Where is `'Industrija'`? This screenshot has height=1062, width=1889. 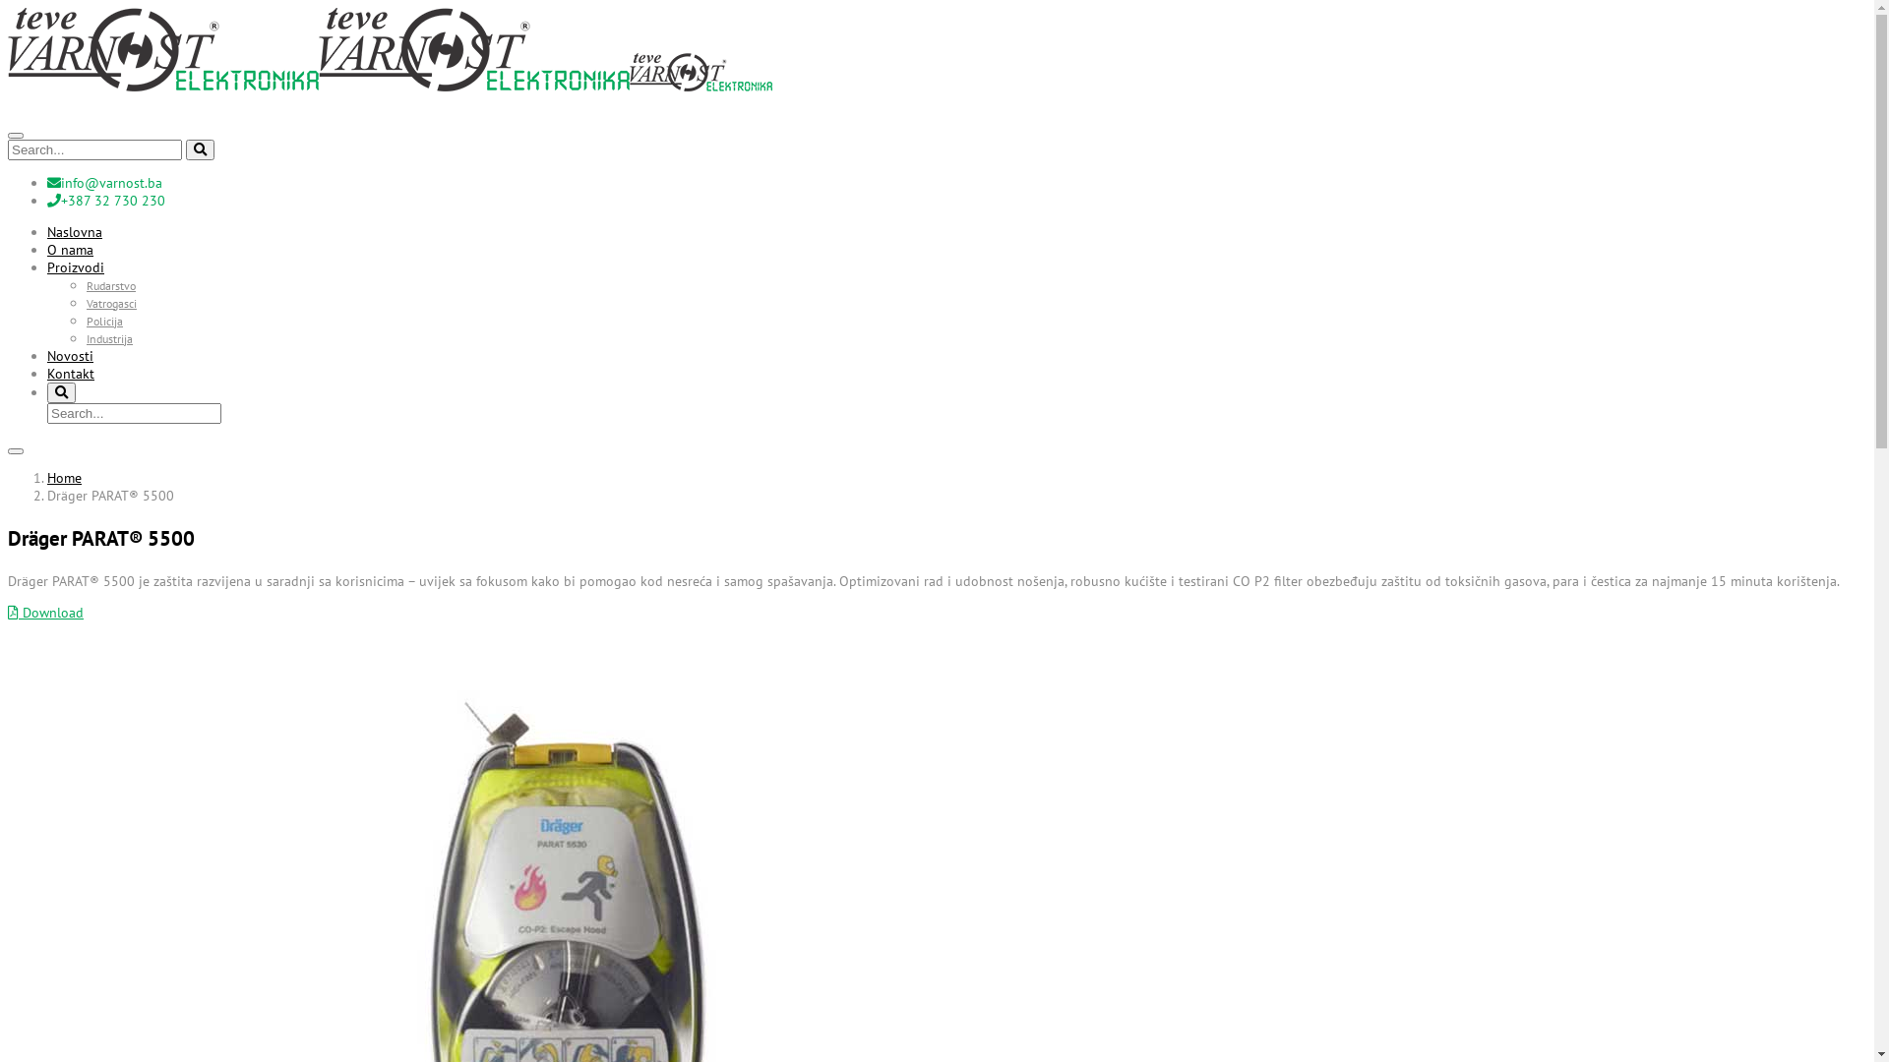 'Industrija' is located at coordinates (108, 336).